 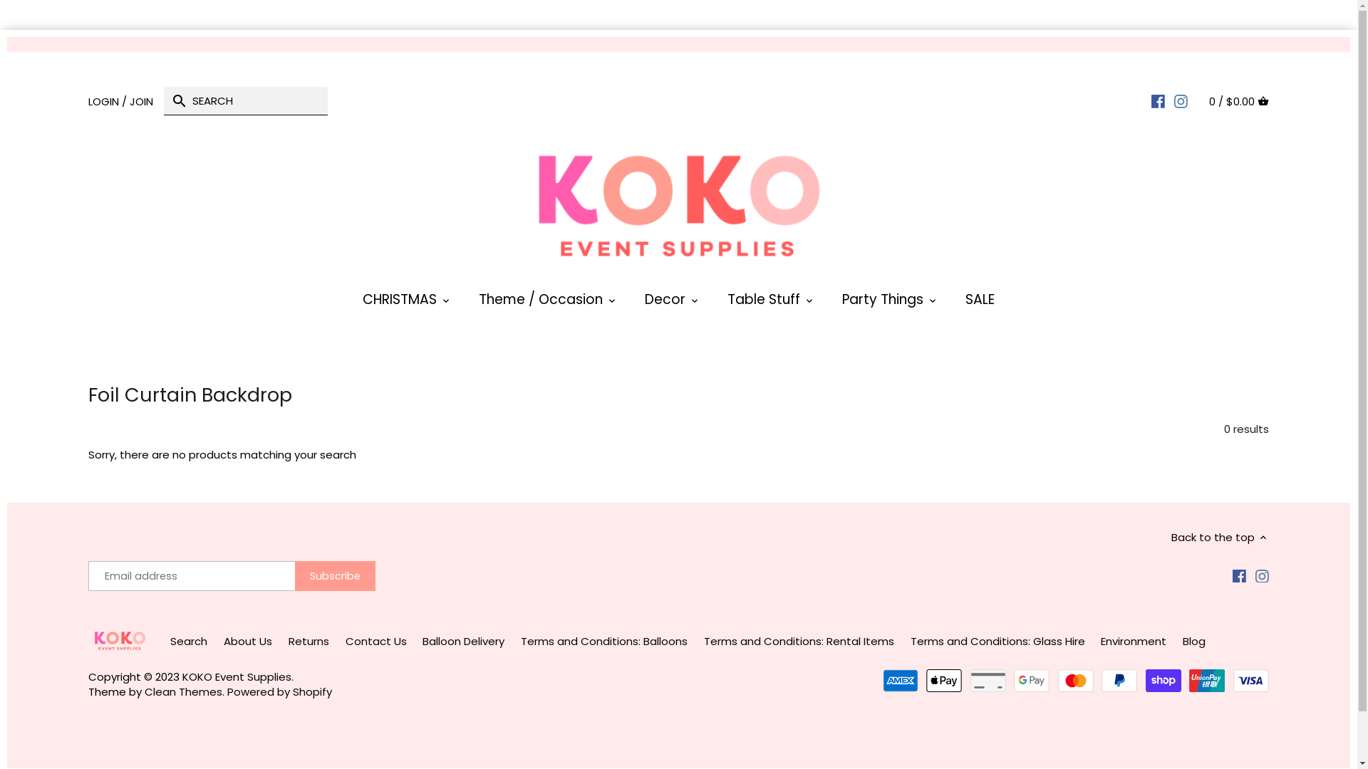 What do you see at coordinates (308, 641) in the screenshot?
I see `'Returns'` at bounding box center [308, 641].